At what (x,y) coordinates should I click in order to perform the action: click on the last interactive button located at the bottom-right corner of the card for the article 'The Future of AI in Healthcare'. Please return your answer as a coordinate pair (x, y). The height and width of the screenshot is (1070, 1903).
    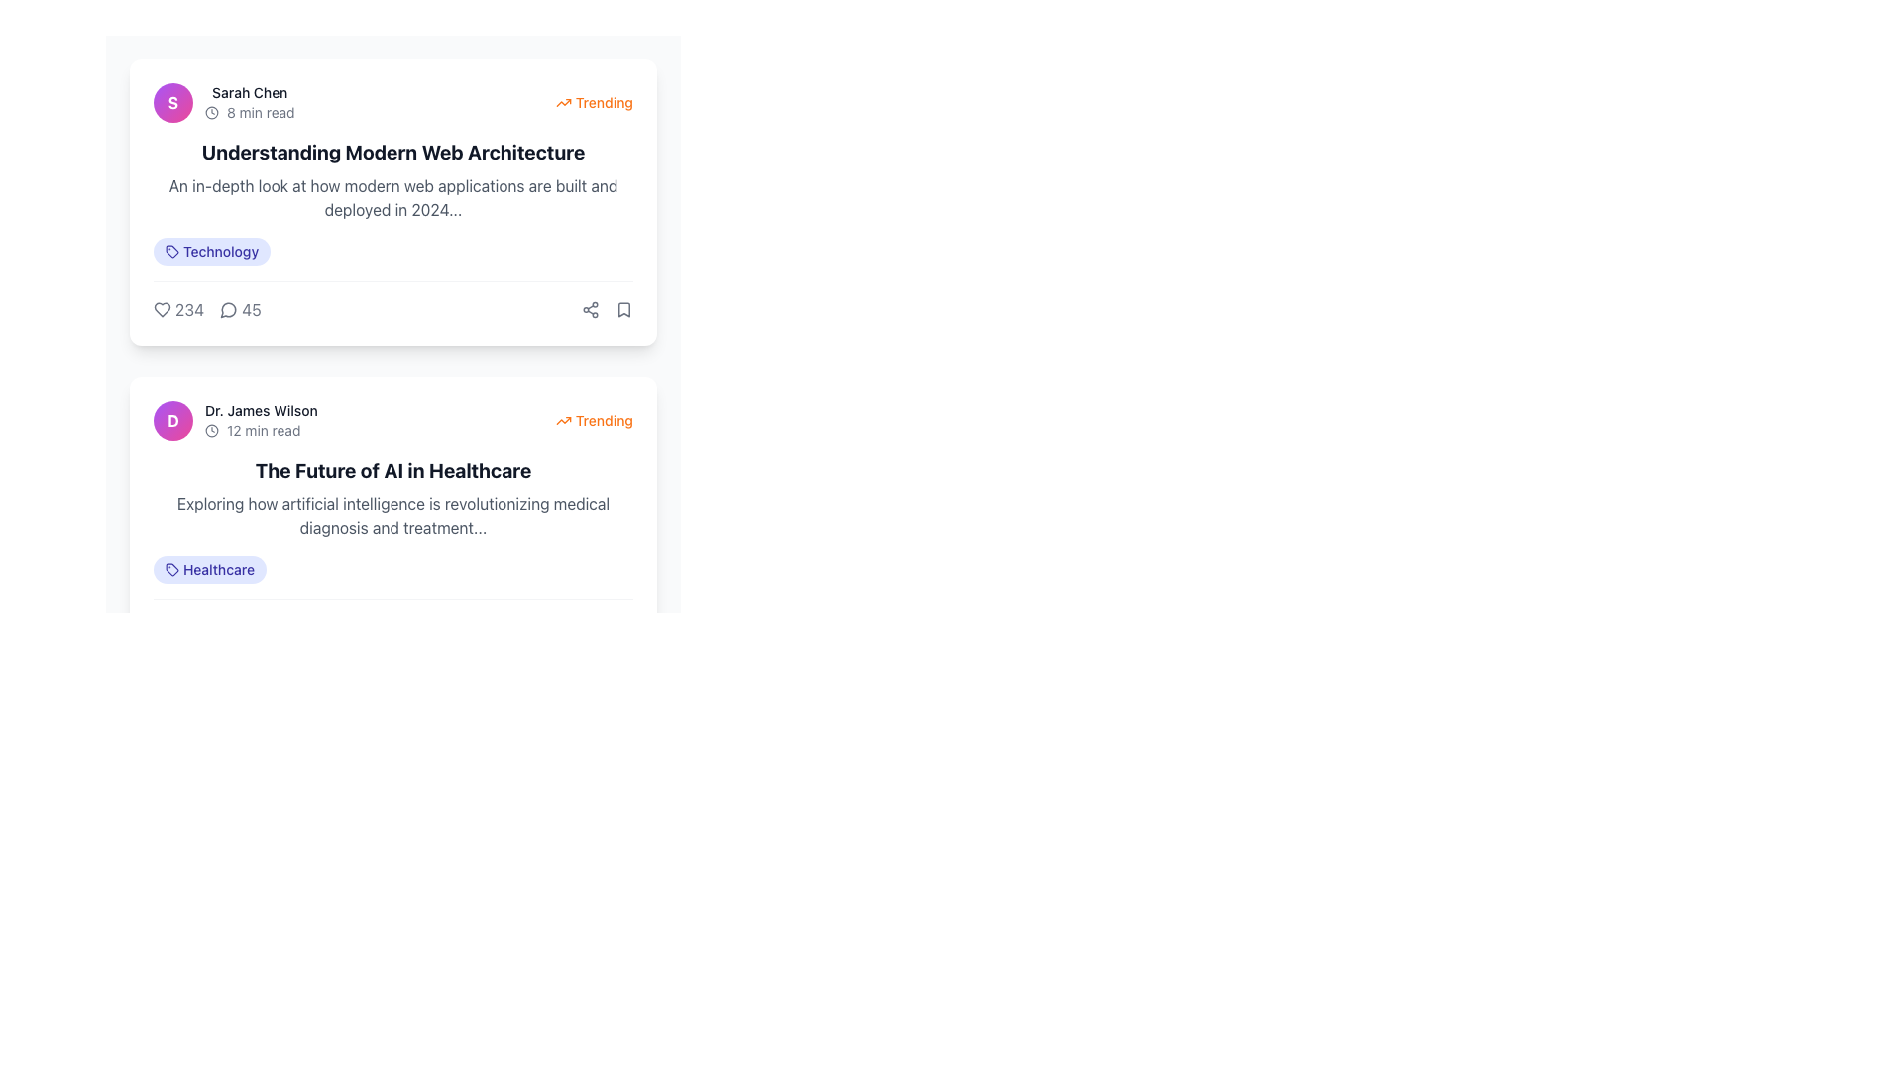
    Looking at the image, I should click on (607, 627).